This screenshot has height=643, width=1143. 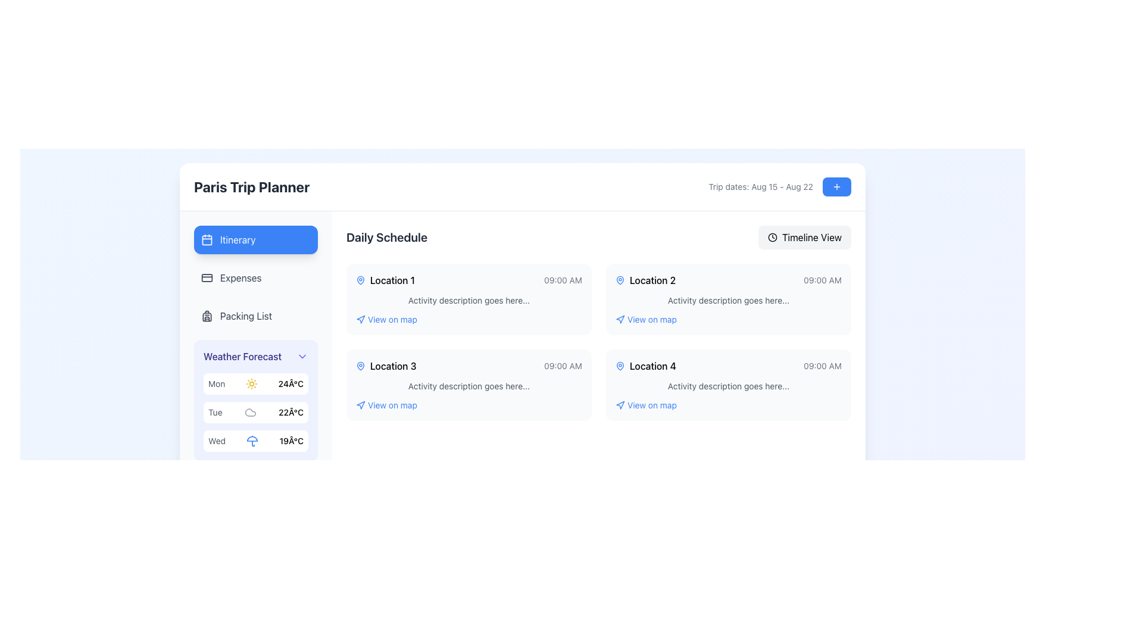 I want to click on the 'Weather Forecast' dropdown header, which is styled in indigo and indicates an expandable menu with a down arrow icon, so click(x=255, y=355).